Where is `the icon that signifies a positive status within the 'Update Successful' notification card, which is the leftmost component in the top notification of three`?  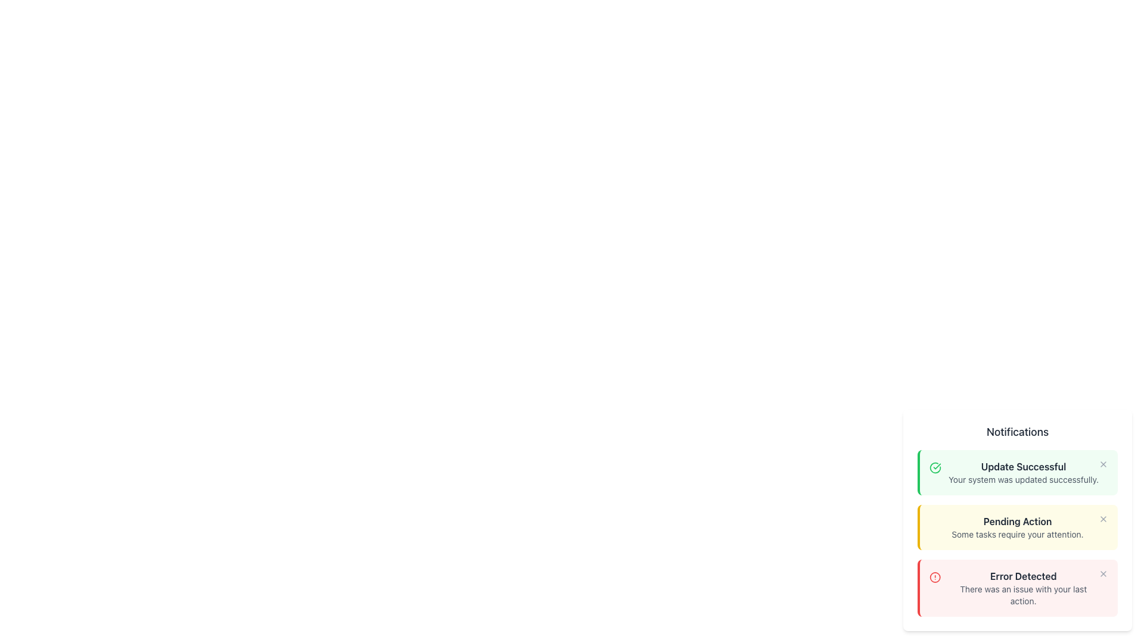 the icon that signifies a positive status within the 'Update Successful' notification card, which is the leftmost component in the top notification of three is located at coordinates (934, 467).